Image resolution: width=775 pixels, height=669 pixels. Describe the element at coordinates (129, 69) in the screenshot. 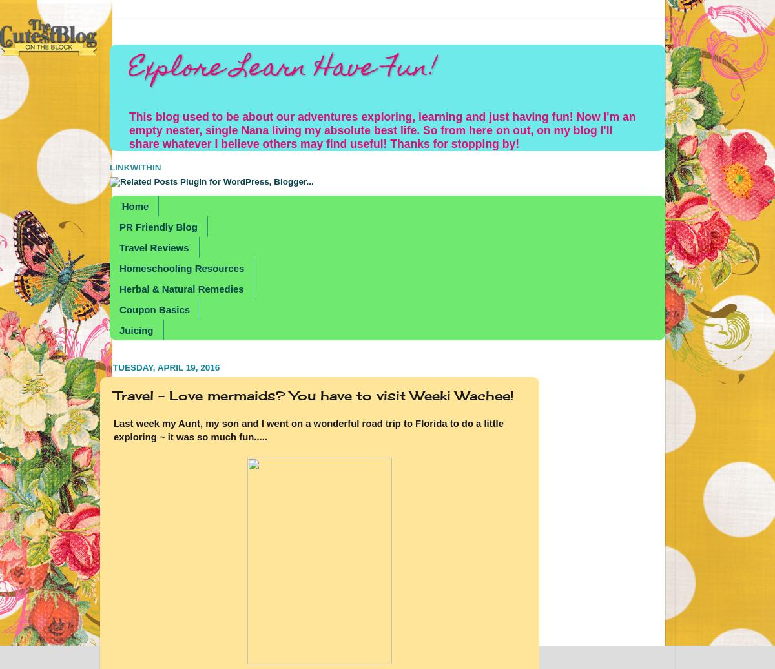

I see `'Explore Learn Have Fun!'` at that location.